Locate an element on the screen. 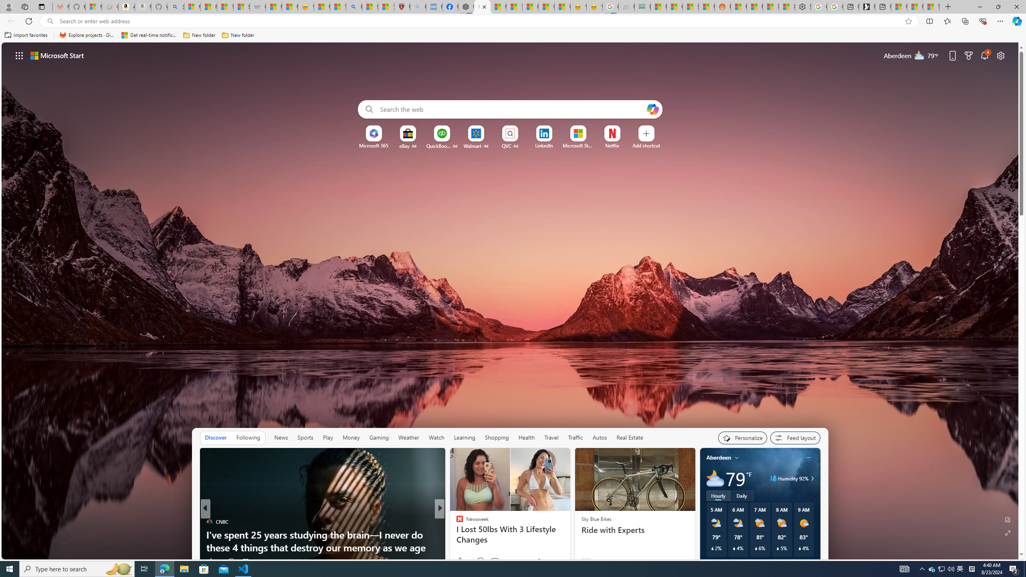  'My location' is located at coordinates (737, 457).